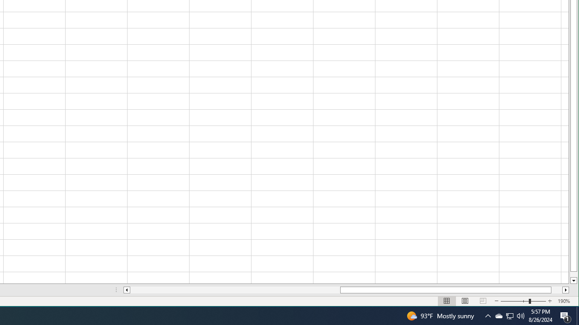  What do you see at coordinates (577, 315) in the screenshot?
I see `'Show desktop'` at bounding box center [577, 315].